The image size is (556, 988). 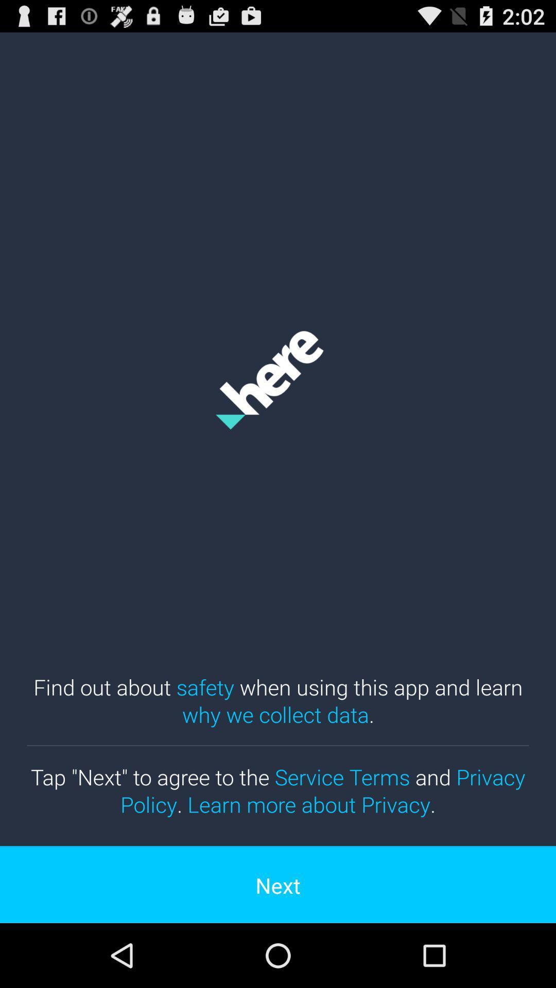 I want to click on find out about item, so click(x=278, y=700).